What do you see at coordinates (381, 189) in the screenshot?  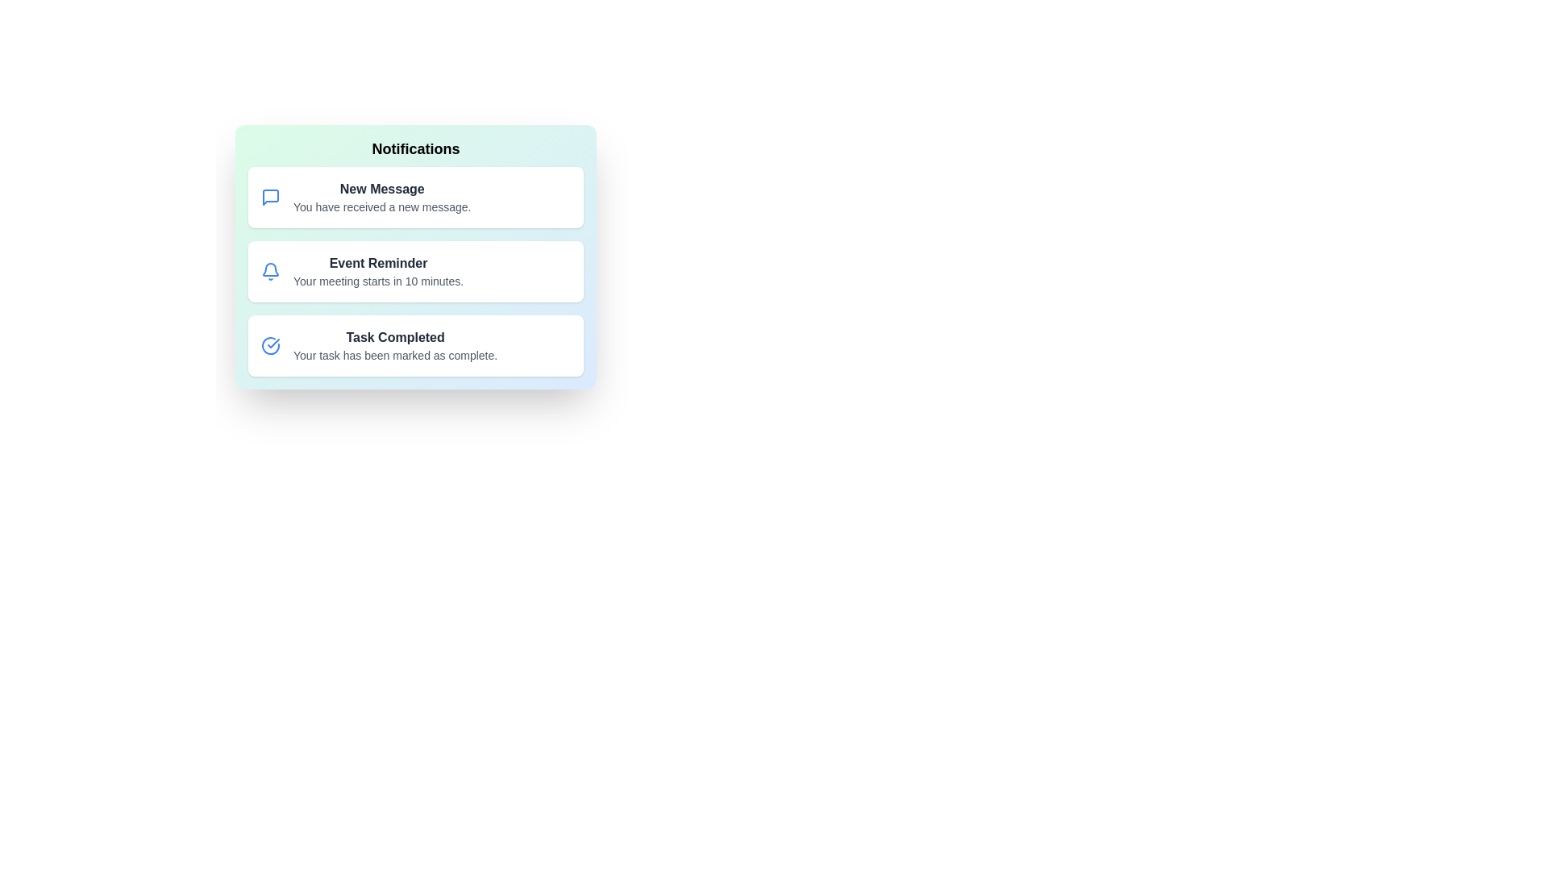 I see `the notification title New Message` at bounding box center [381, 189].